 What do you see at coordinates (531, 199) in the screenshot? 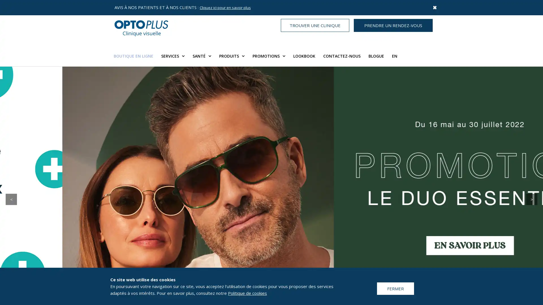
I see `>` at bounding box center [531, 199].